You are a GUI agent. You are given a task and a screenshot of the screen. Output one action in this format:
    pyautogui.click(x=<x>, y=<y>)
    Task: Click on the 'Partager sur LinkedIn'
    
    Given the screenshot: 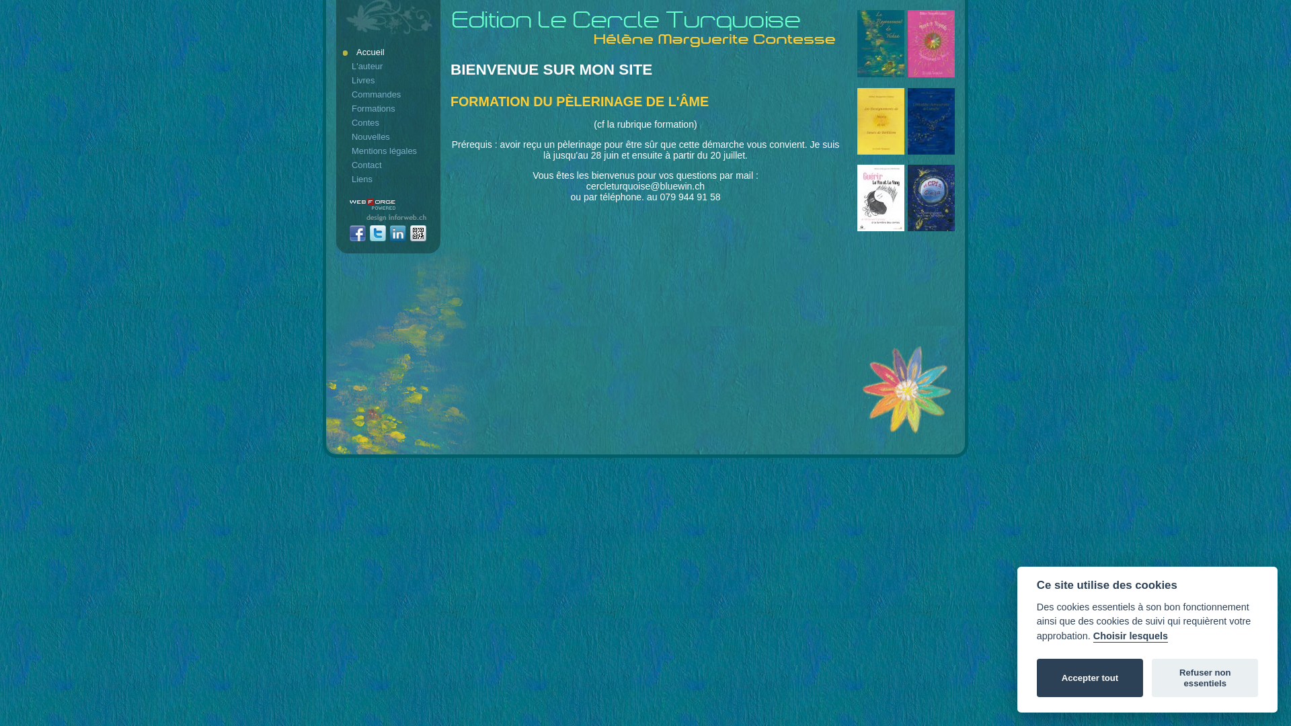 What is the action you would take?
    pyautogui.click(x=397, y=233)
    